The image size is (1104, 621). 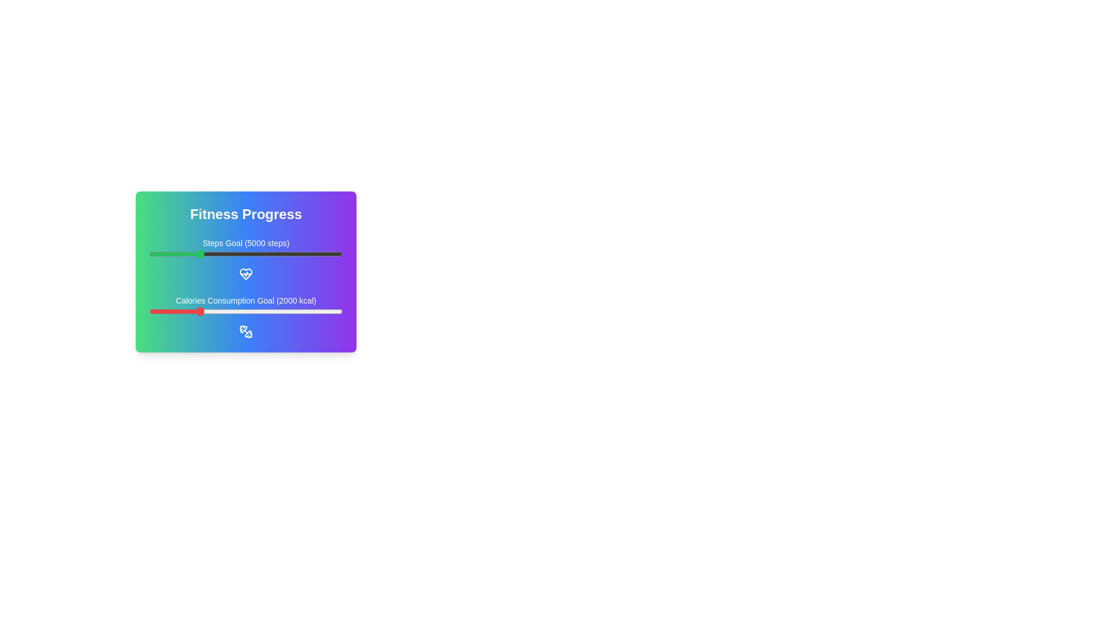 I want to click on the steps goal, so click(x=262, y=254).